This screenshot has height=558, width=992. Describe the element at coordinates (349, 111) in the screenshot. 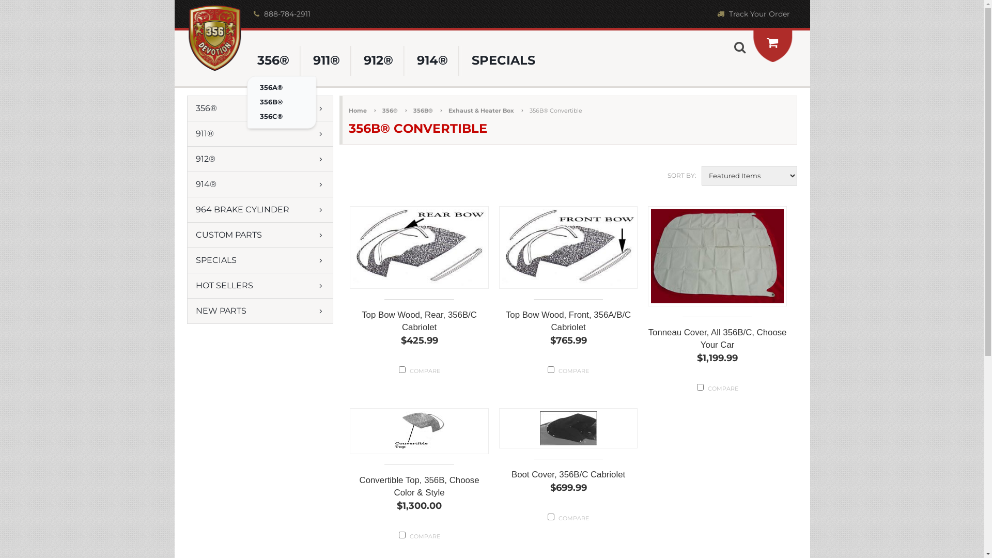

I see `'Home'` at that location.